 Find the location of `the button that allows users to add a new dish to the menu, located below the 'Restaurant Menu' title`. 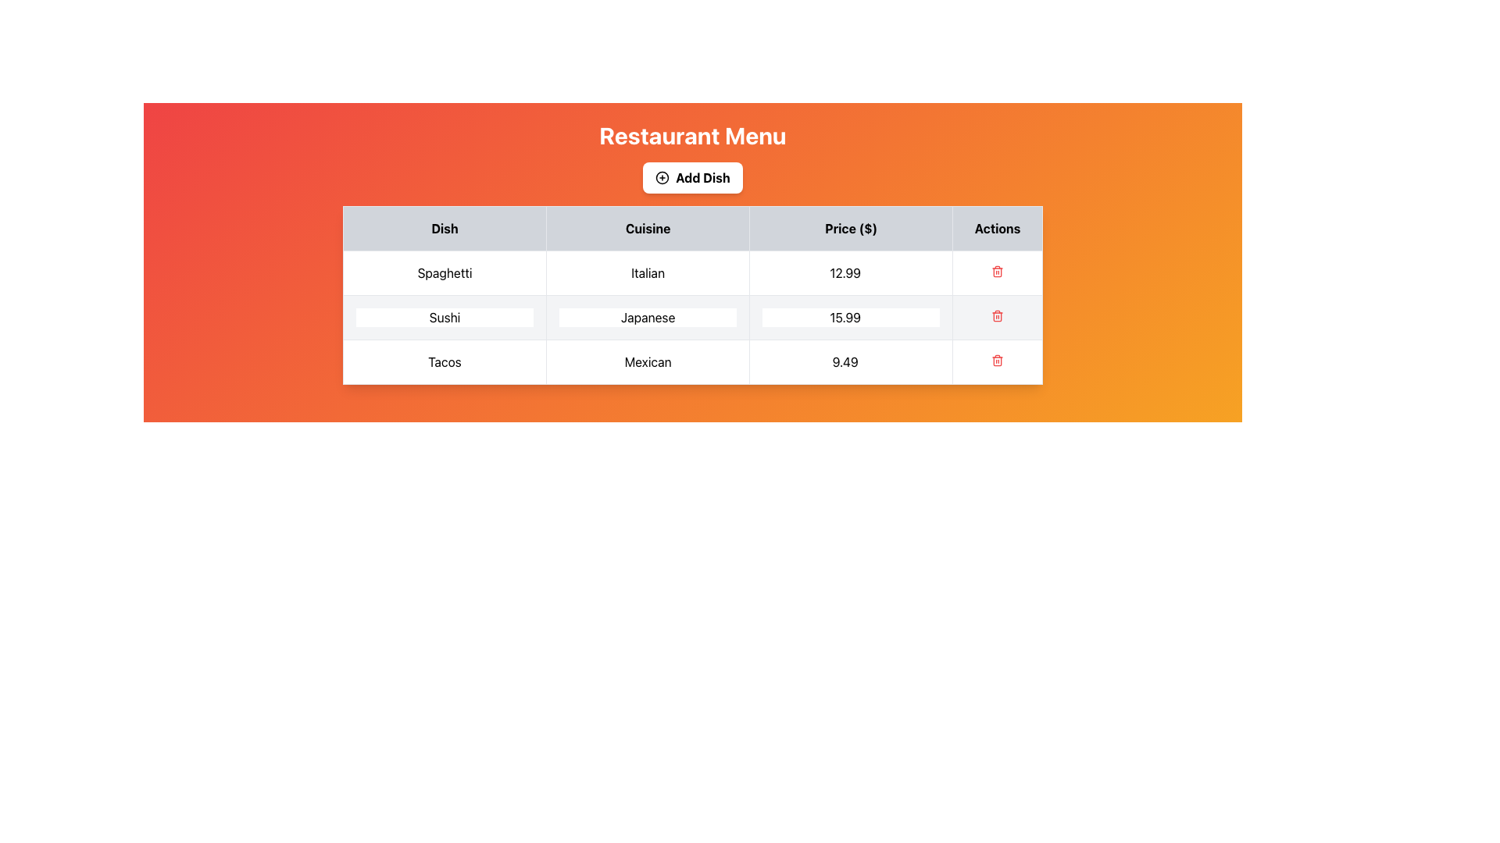

the button that allows users to add a new dish to the menu, located below the 'Restaurant Menu' title is located at coordinates (692, 176).